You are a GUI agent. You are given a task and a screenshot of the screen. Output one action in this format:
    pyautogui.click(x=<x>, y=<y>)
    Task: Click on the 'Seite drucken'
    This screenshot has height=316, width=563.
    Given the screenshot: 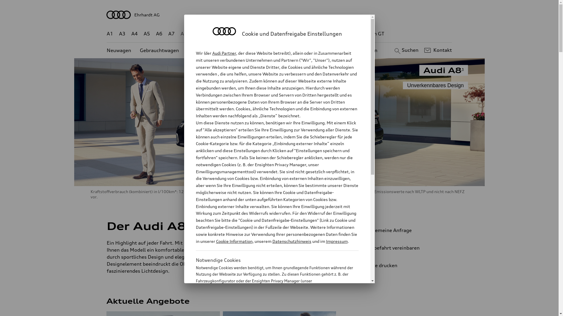 What is the action you would take?
    pyautogui.click(x=356, y=265)
    